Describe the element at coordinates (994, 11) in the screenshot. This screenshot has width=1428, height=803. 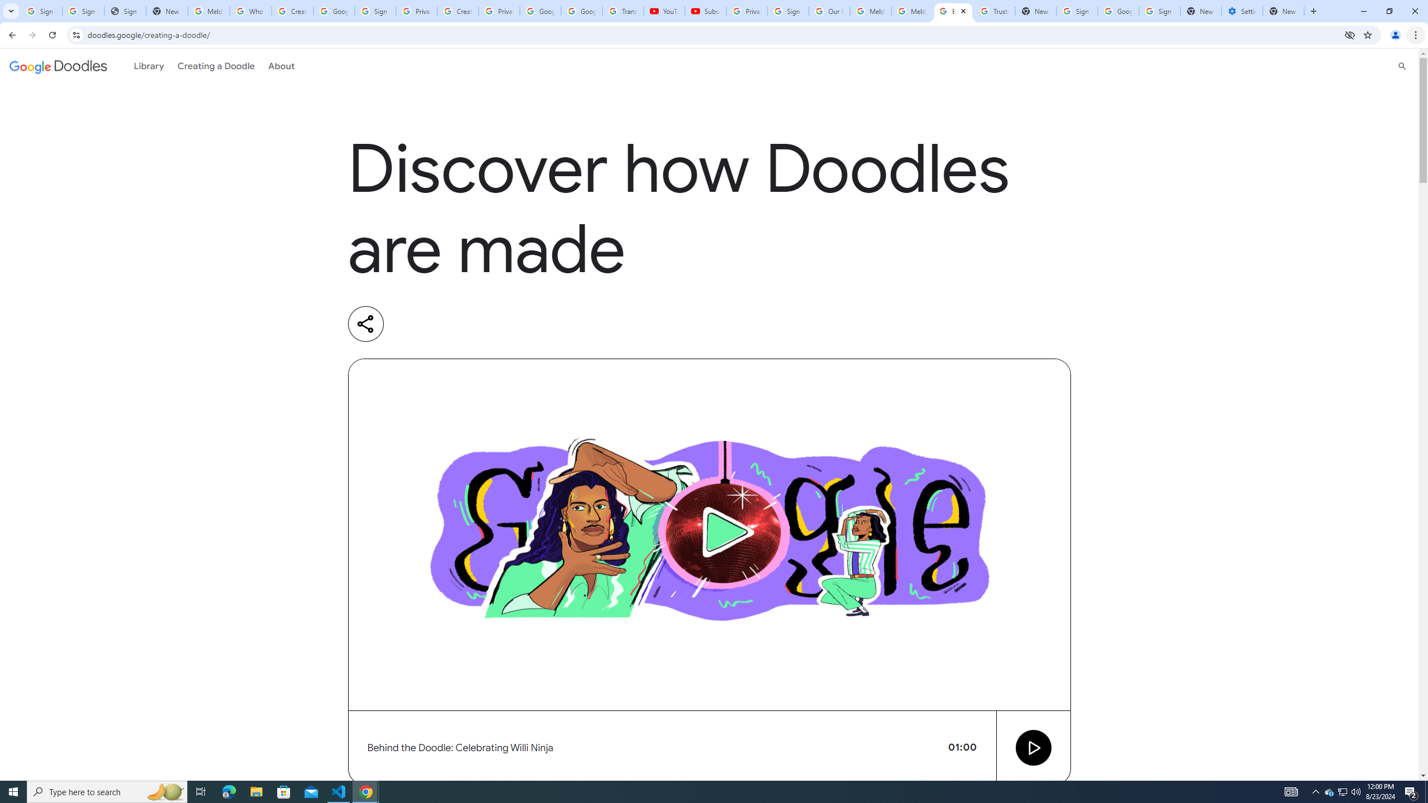
I see `'Trusted Information and Content - Google Safety Center'` at that location.